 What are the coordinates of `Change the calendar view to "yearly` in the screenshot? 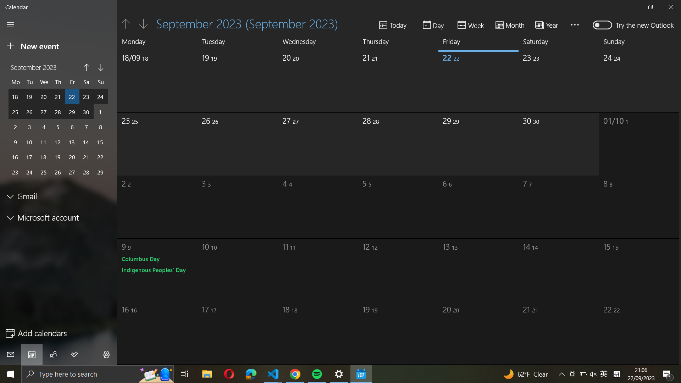 It's located at (549, 24).